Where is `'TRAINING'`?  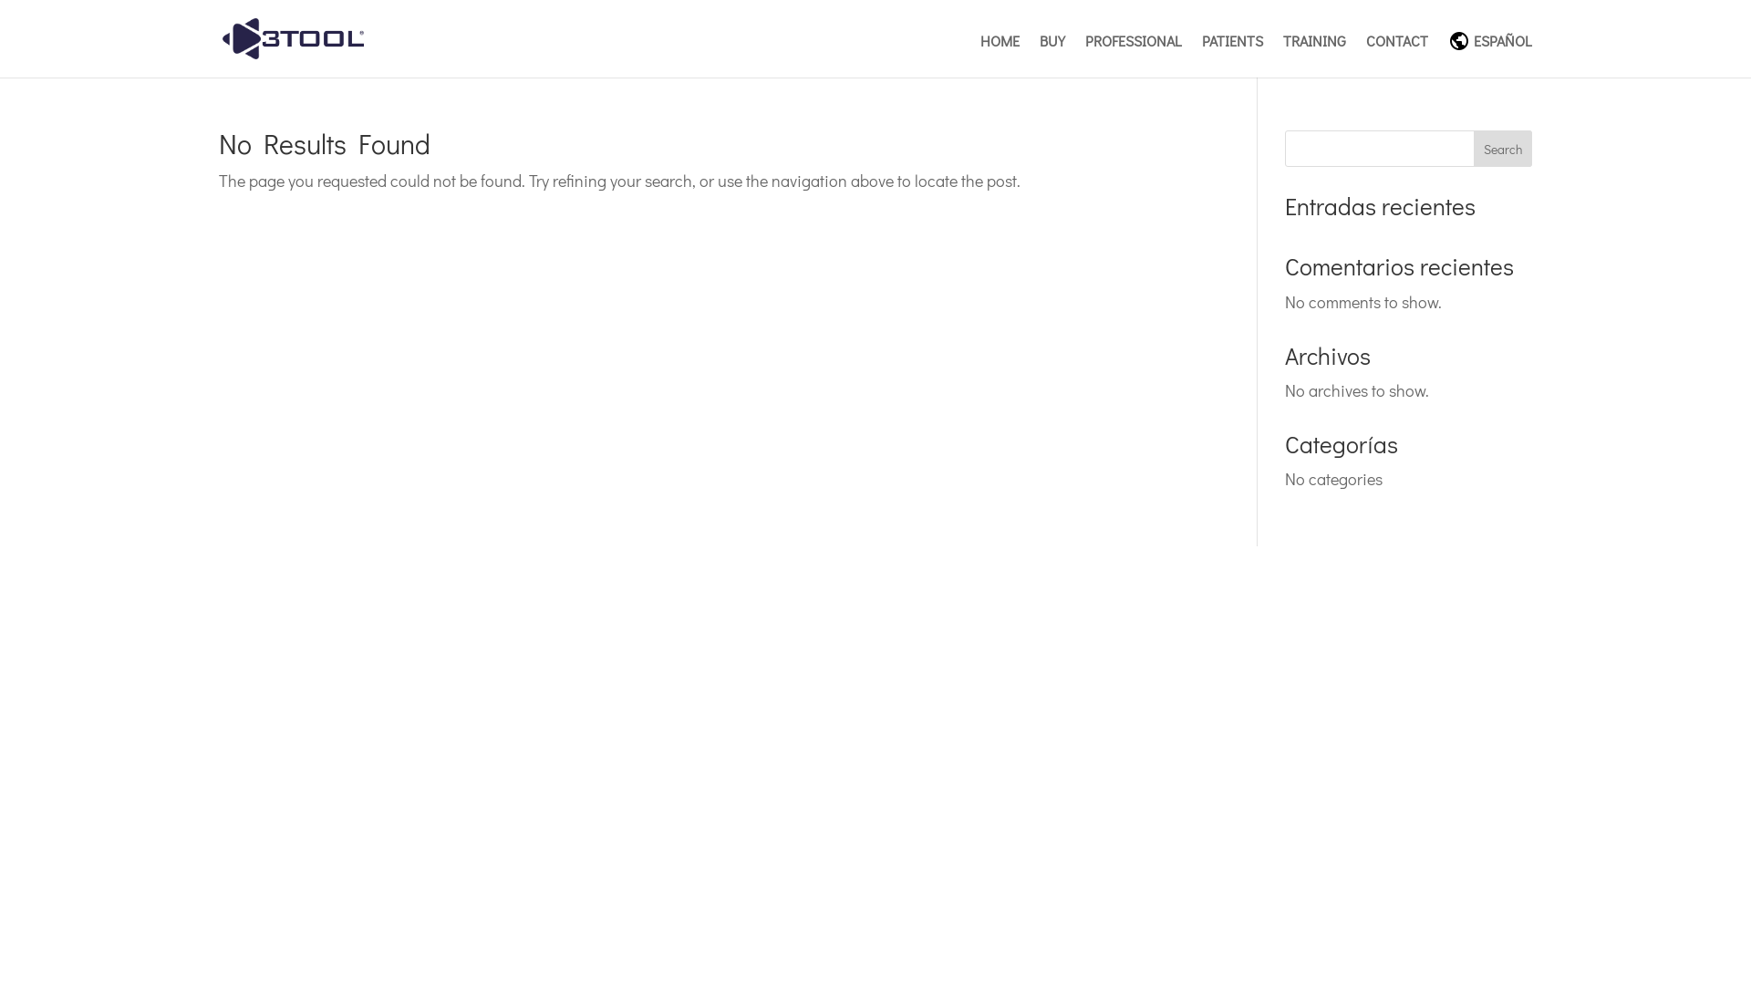
'TRAINING' is located at coordinates (1281, 52).